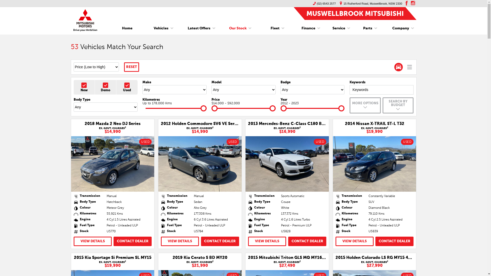  Describe the element at coordinates (275, 28) in the screenshot. I see `'Fleet'` at that location.